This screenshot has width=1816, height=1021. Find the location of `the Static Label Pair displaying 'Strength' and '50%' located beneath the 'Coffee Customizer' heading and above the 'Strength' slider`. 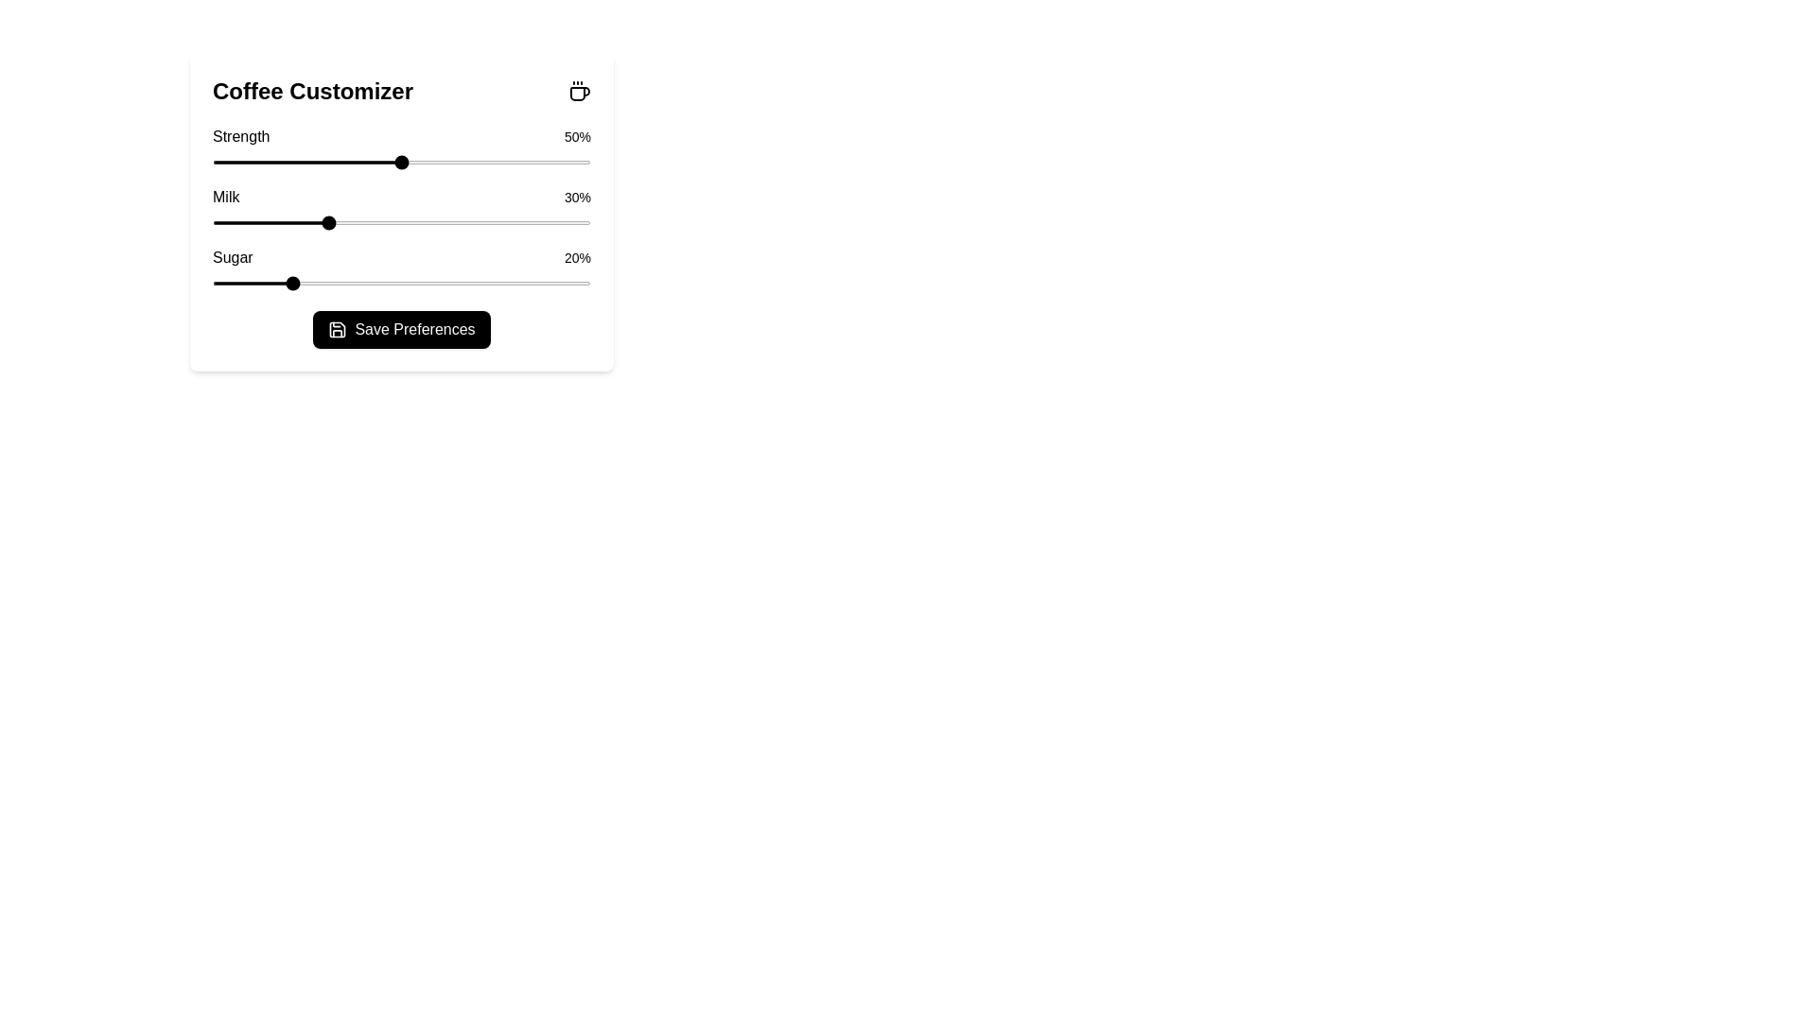

the Static Label Pair displaying 'Strength' and '50%' located beneath the 'Coffee Customizer' heading and above the 'Strength' slider is located at coordinates (401, 136).